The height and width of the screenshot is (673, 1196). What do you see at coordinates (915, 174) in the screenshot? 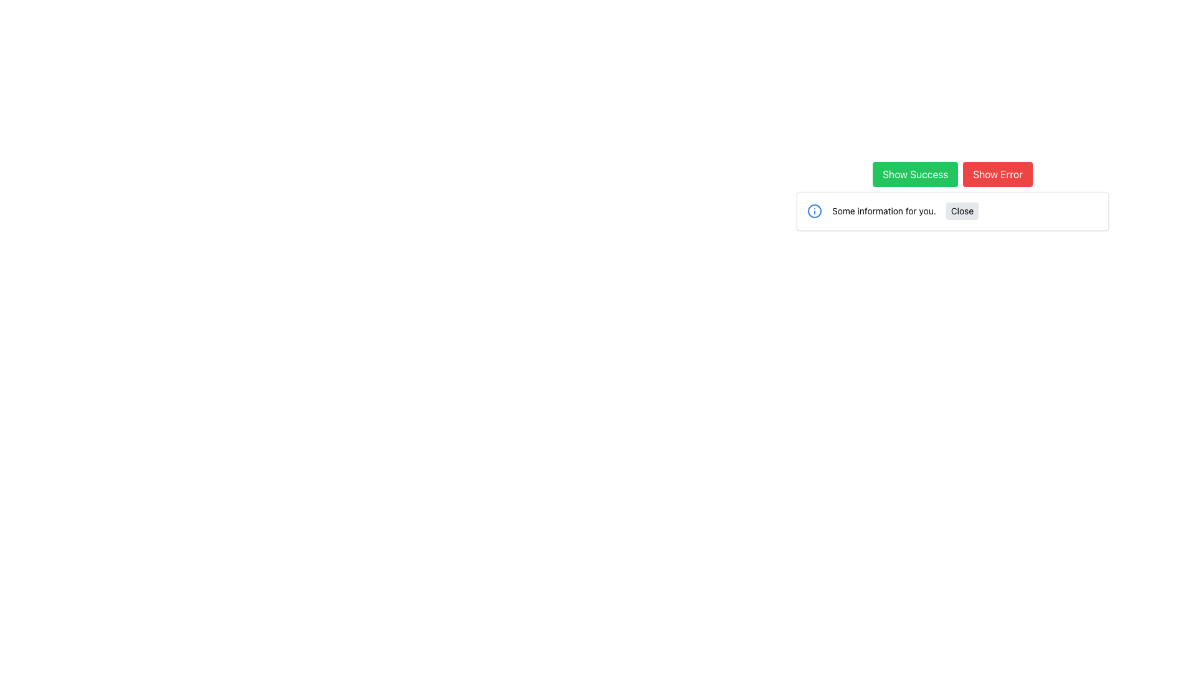
I see `the green rectangular button labeled 'Show Success'` at bounding box center [915, 174].